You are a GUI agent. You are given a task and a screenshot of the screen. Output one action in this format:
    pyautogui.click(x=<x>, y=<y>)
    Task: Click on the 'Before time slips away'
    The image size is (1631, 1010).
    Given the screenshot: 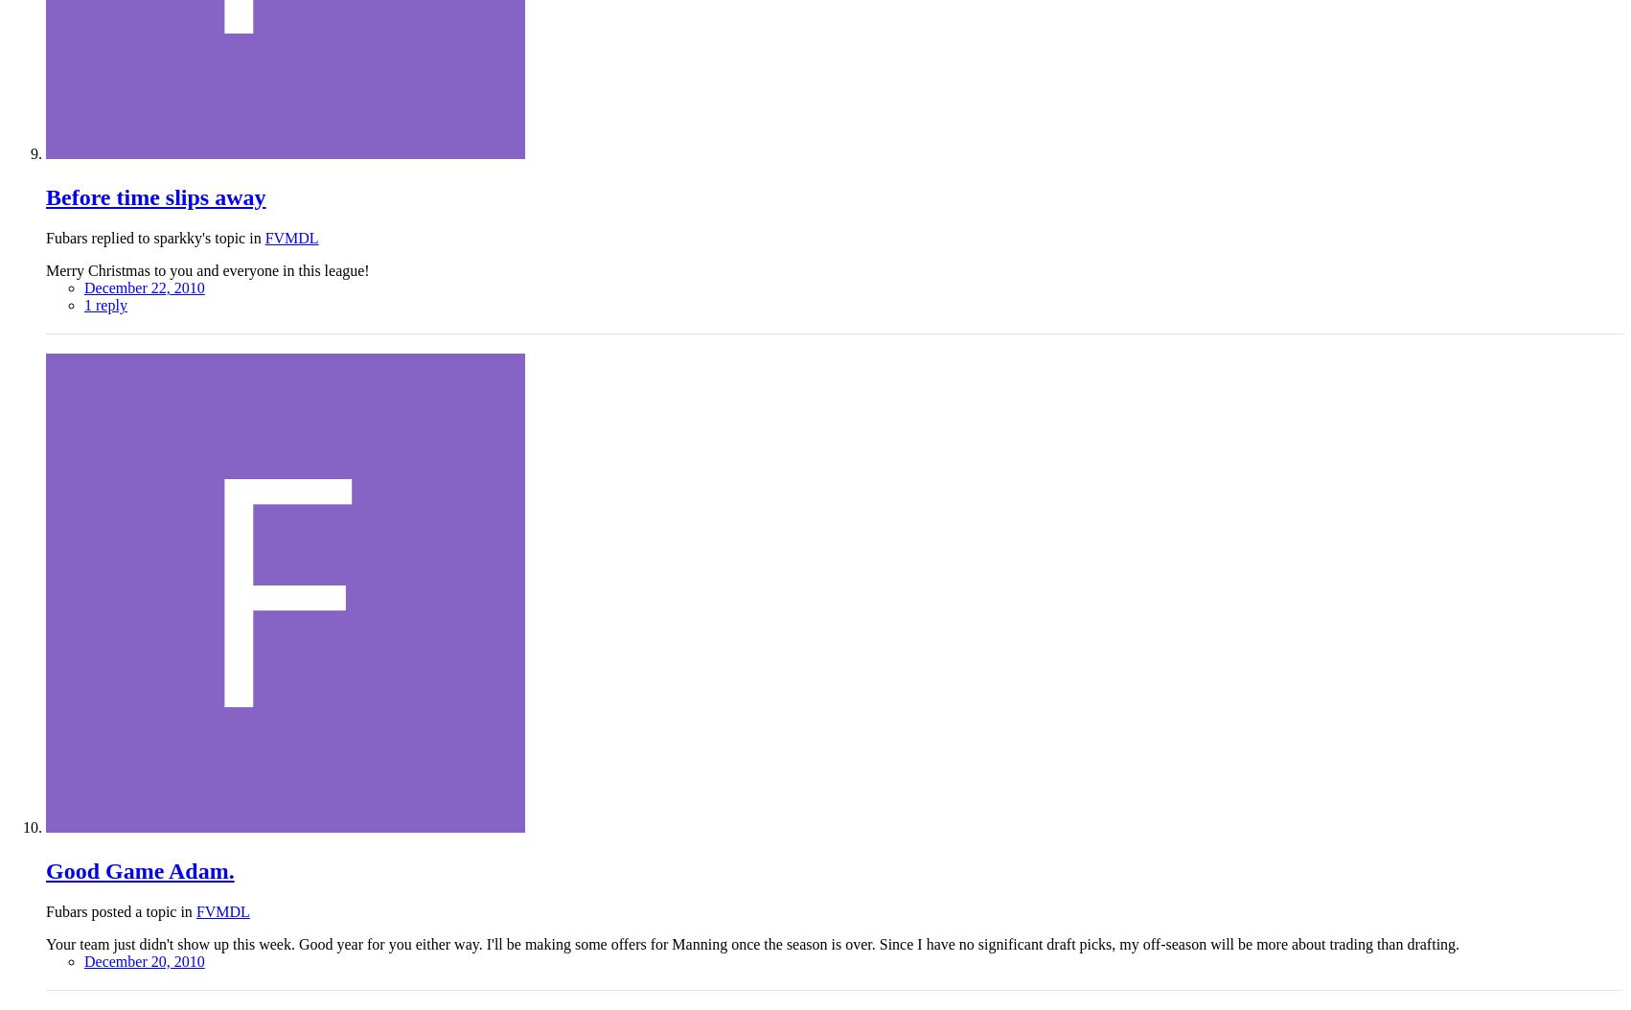 What is the action you would take?
    pyautogui.click(x=154, y=195)
    